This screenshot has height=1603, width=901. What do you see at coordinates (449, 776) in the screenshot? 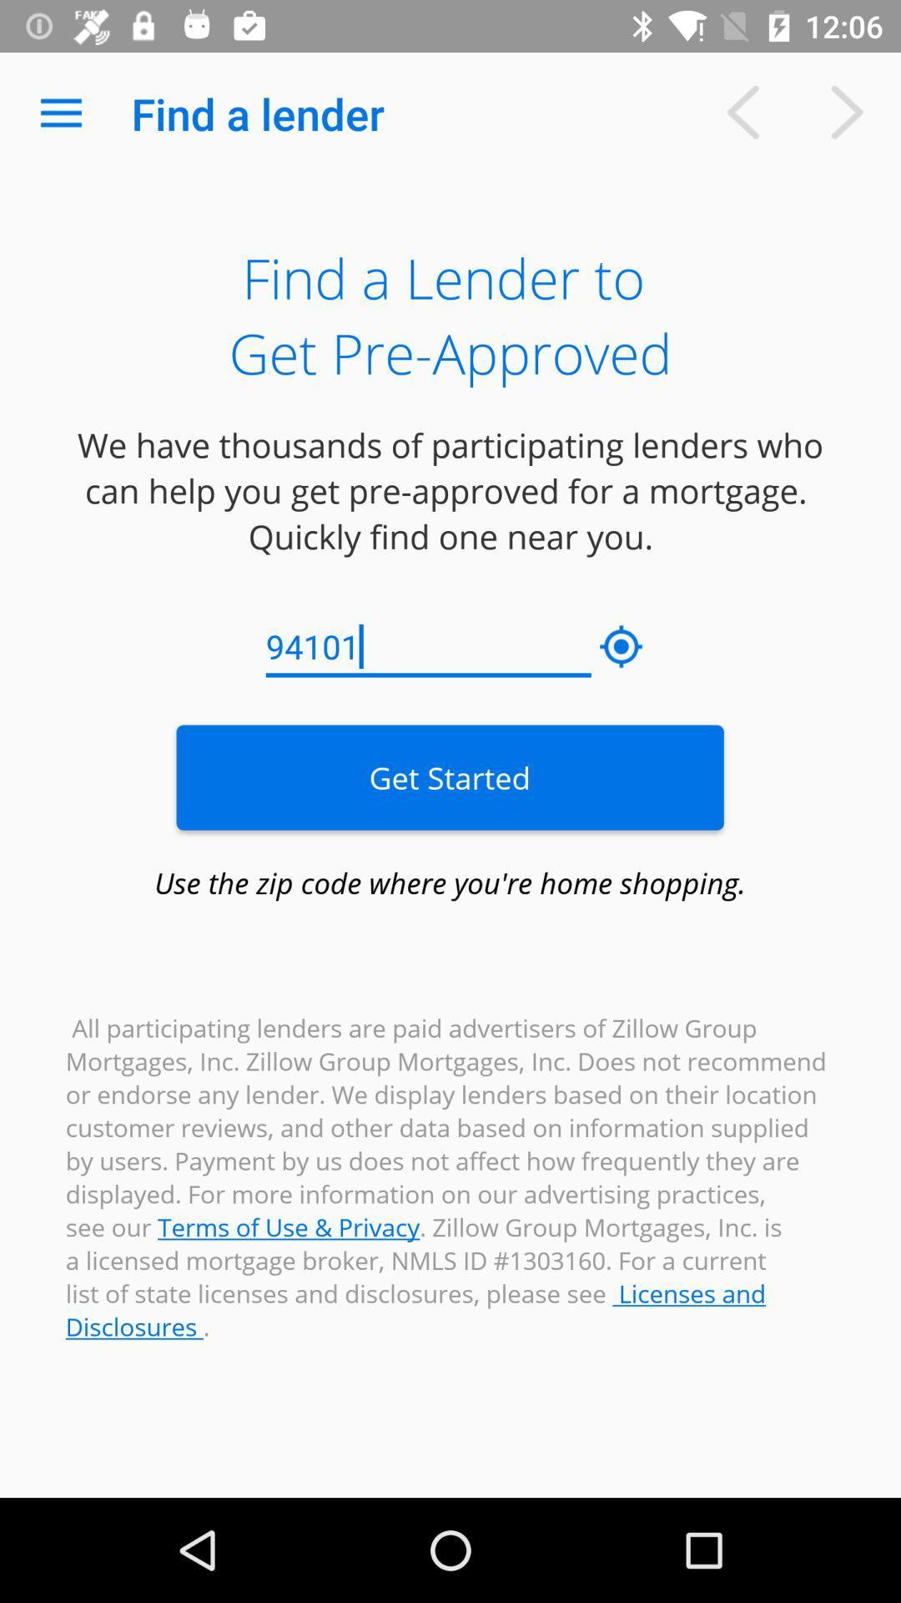
I see `the get started` at bounding box center [449, 776].